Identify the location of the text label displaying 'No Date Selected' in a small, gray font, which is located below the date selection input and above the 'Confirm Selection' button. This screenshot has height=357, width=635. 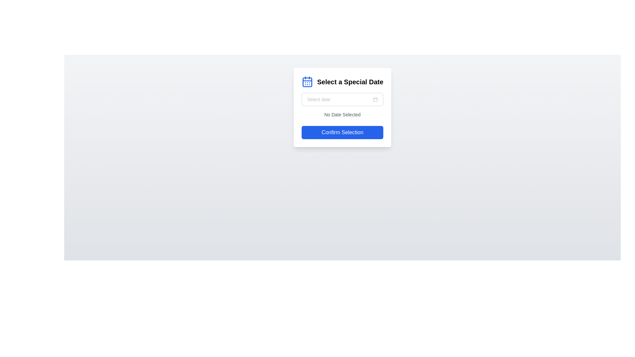
(342, 114).